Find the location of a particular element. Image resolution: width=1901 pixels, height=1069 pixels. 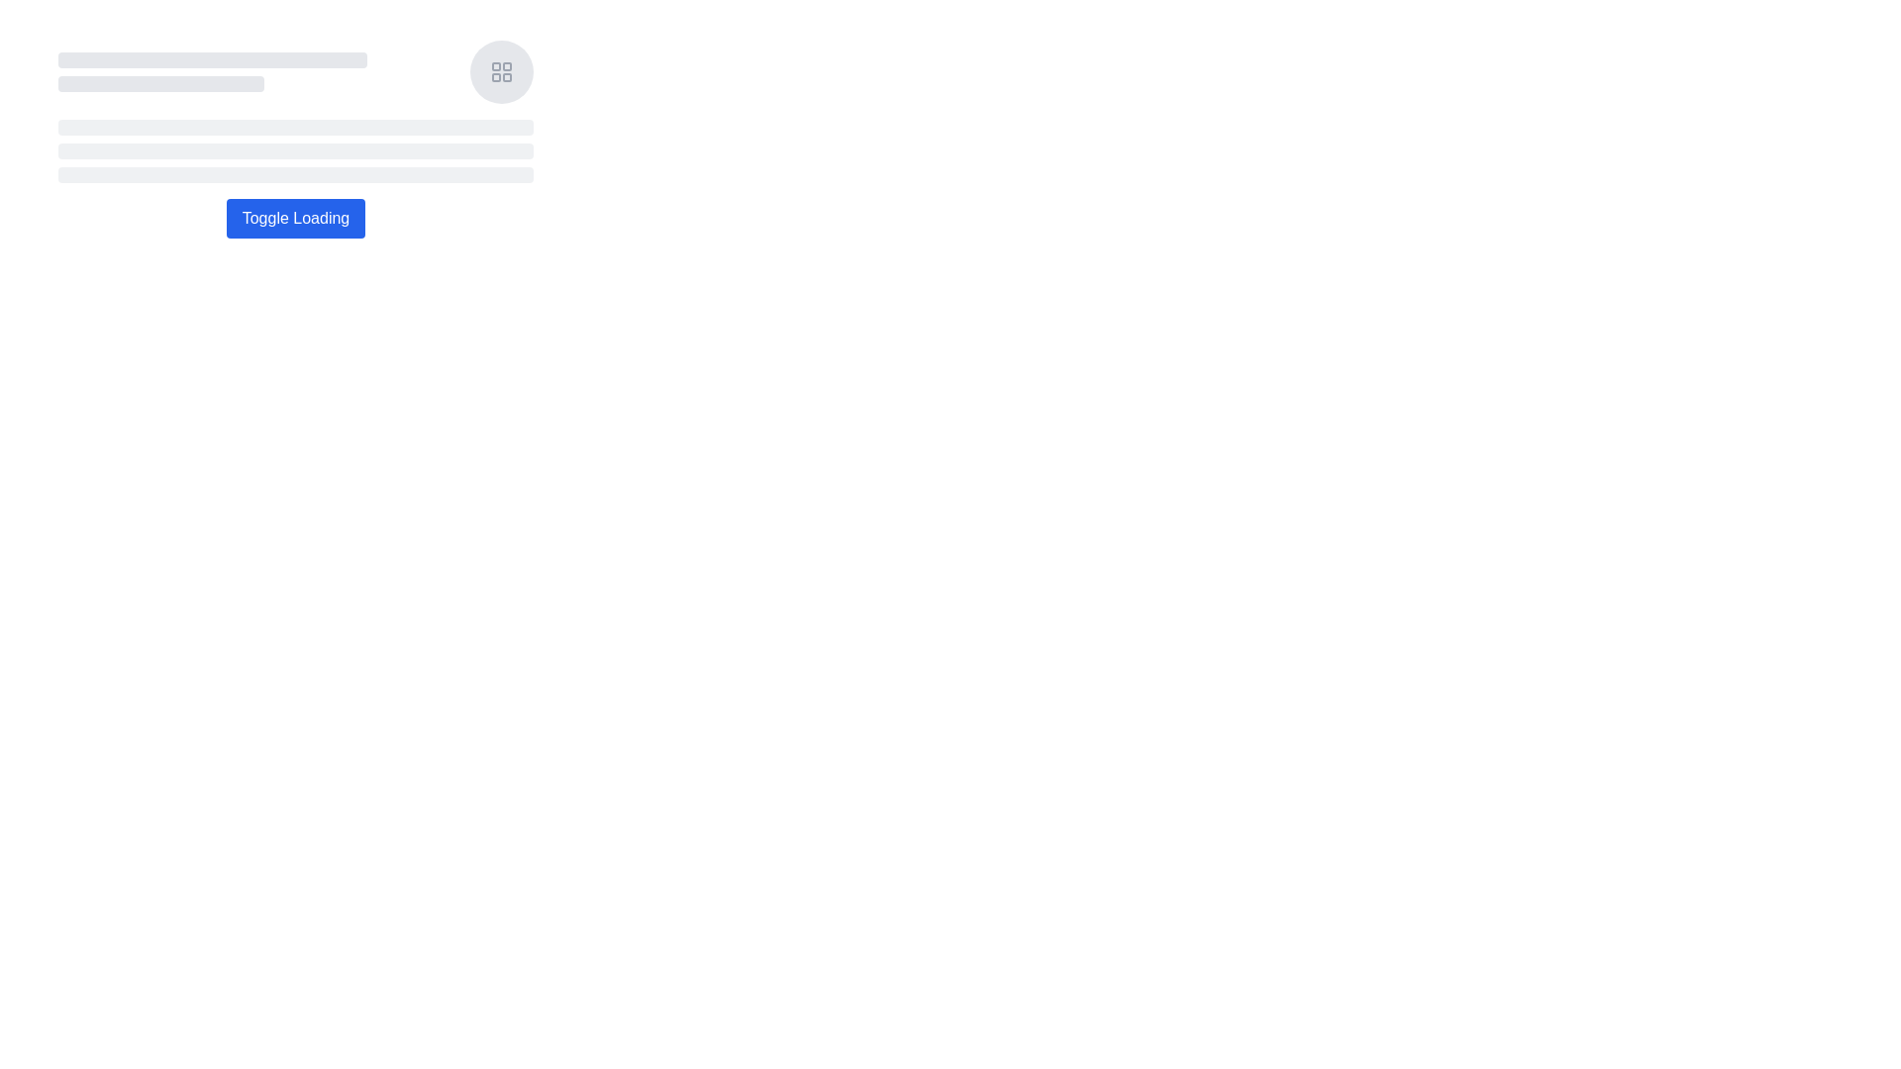

the third Skeleton loader segment, which is a visual placeholder indicating loading content is located at coordinates (294, 174).